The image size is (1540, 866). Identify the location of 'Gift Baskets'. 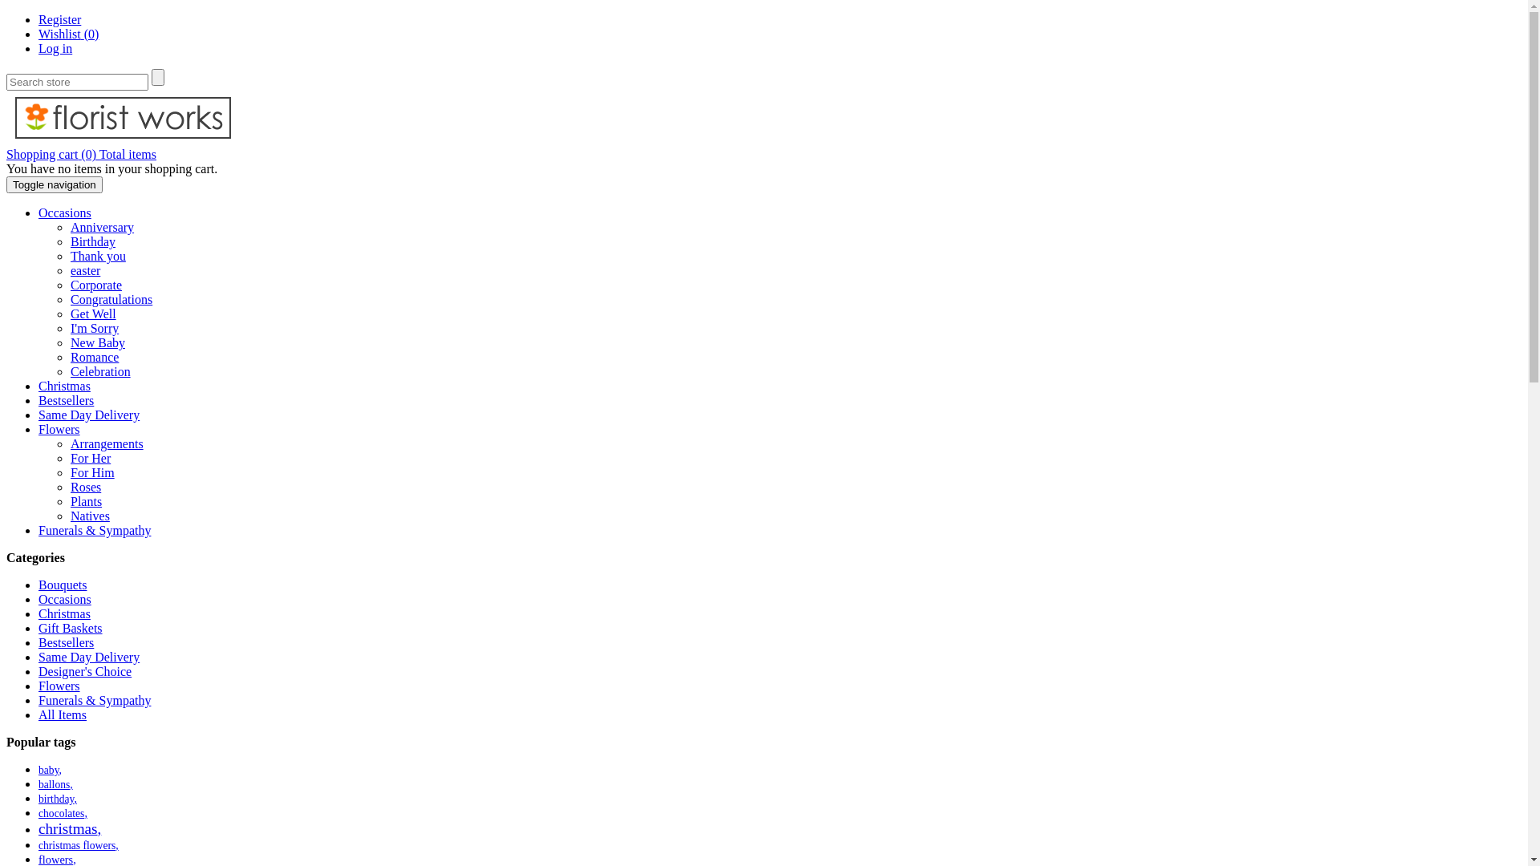
(38, 627).